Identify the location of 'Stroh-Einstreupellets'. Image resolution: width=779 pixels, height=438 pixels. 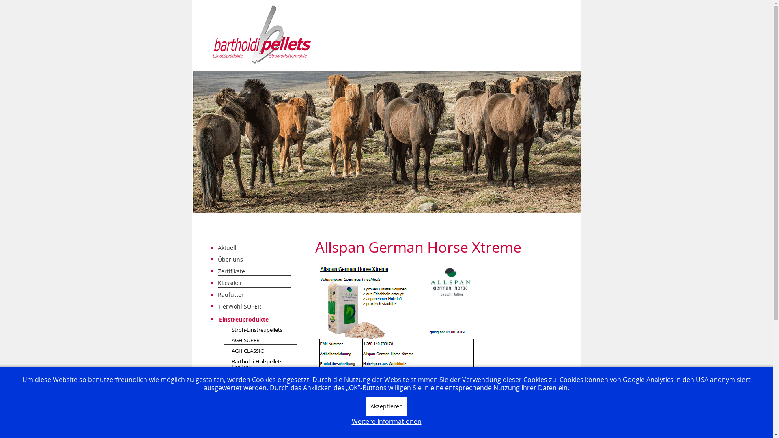
(260, 330).